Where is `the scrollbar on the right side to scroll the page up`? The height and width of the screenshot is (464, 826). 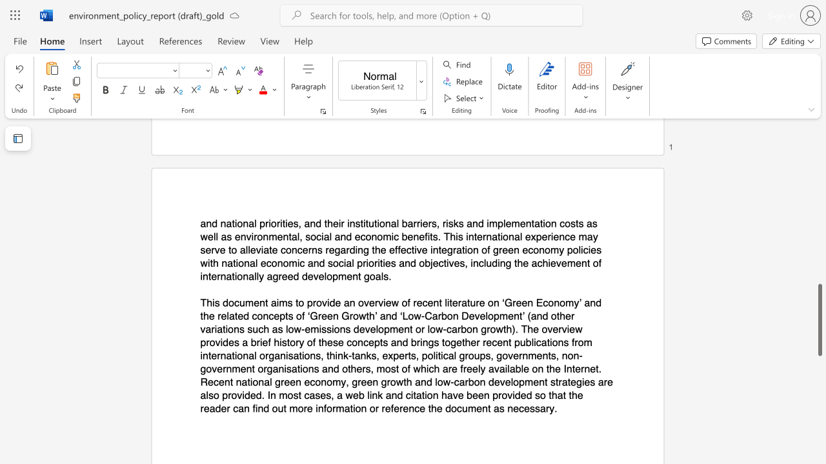 the scrollbar on the right side to scroll the page up is located at coordinates (819, 142).